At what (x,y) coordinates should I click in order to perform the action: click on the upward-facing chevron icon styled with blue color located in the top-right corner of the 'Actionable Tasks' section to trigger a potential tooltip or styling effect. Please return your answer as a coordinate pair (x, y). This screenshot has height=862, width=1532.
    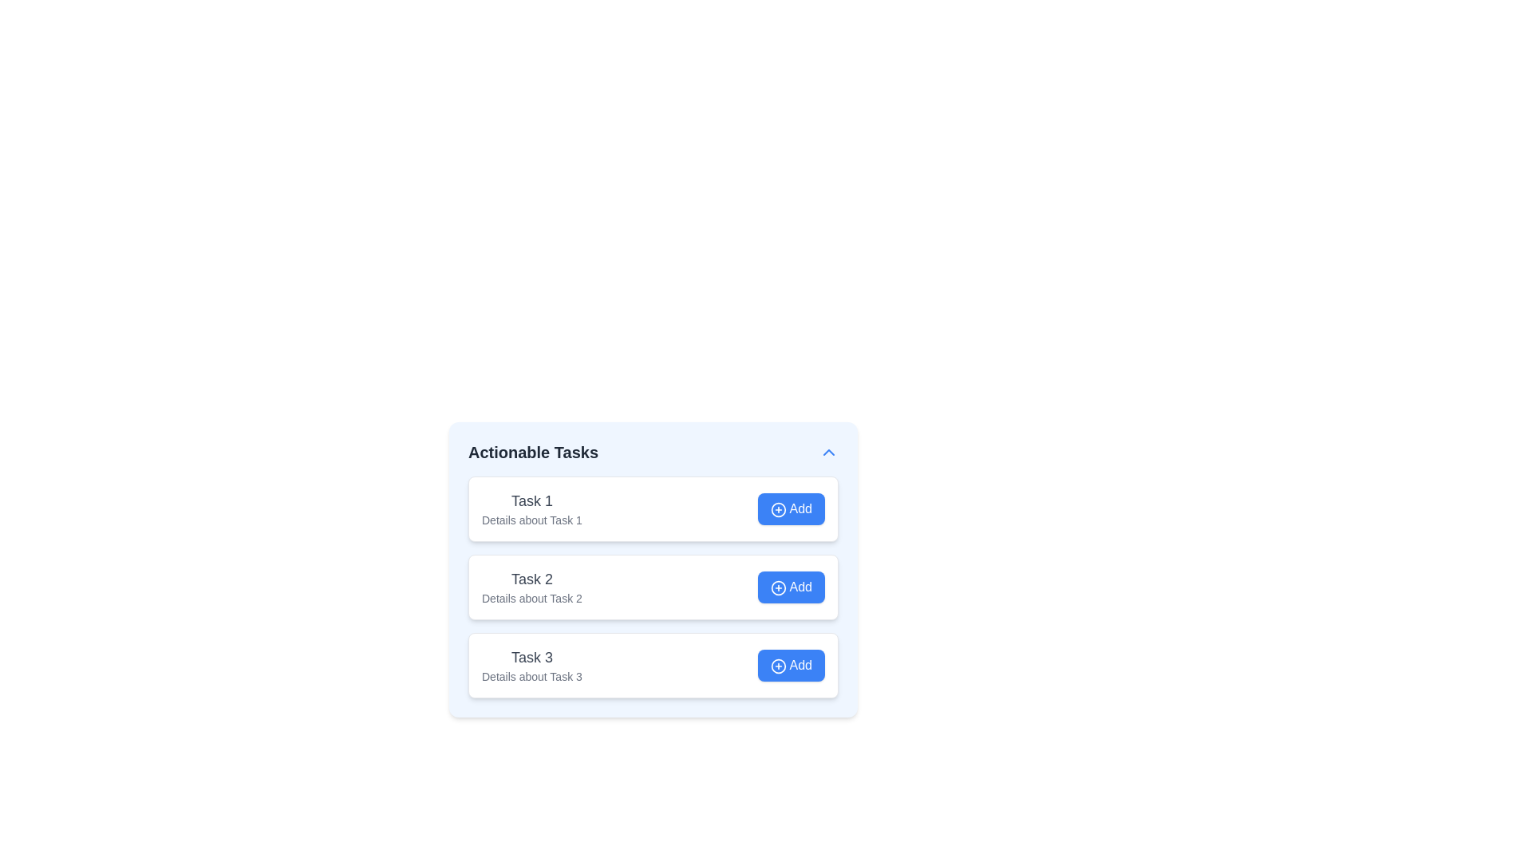
    Looking at the image, I should click on (828, 453).